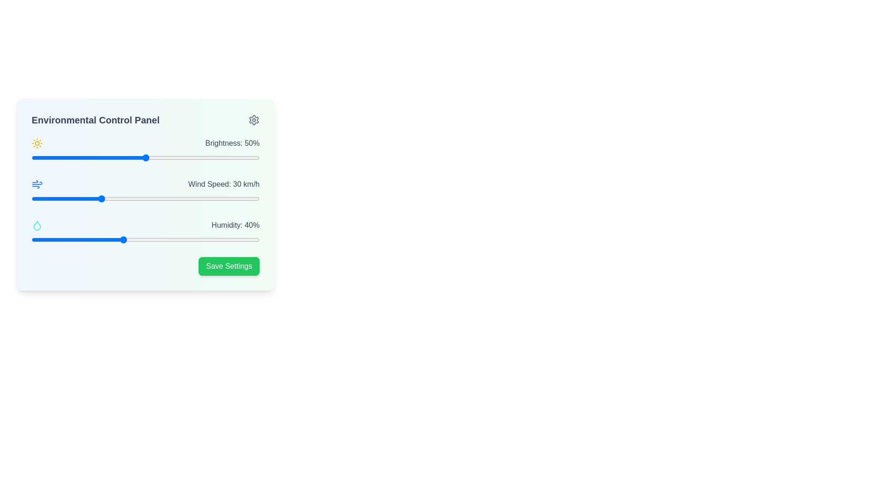  Describe the element at coordinates (31, 239) in the screenshot. I see `humidity` at that location.